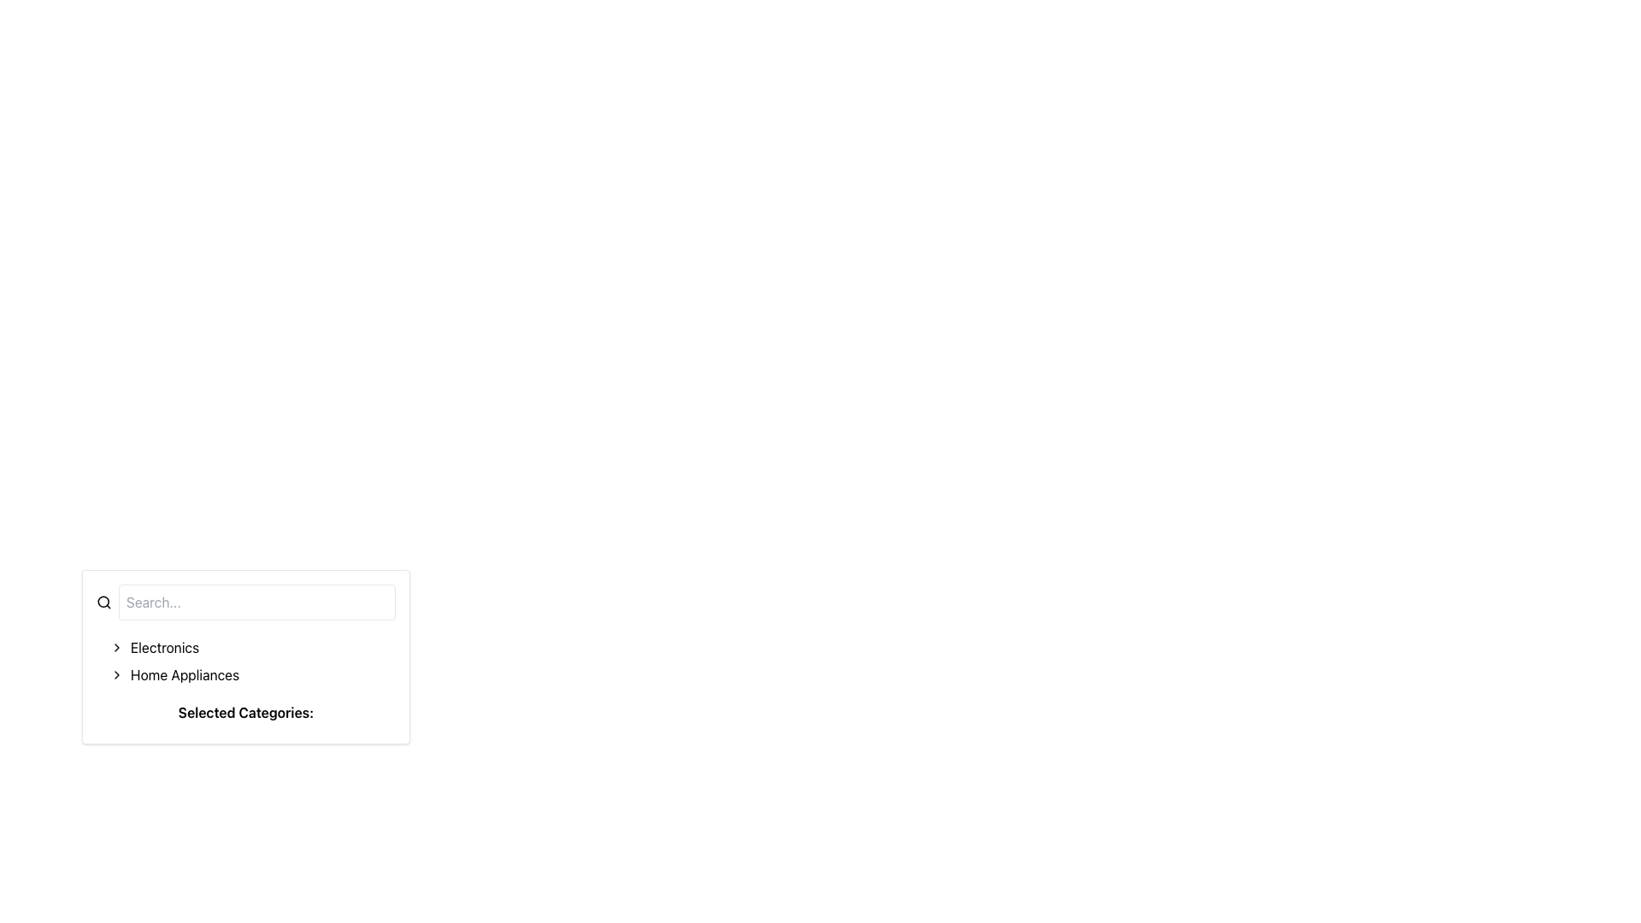 This screenshot has height=923, width=1641. I want to click on the 'Home Appliances' text label, which is positioned below the 'Electronics' label in the category selection menu, so click(185, 674).